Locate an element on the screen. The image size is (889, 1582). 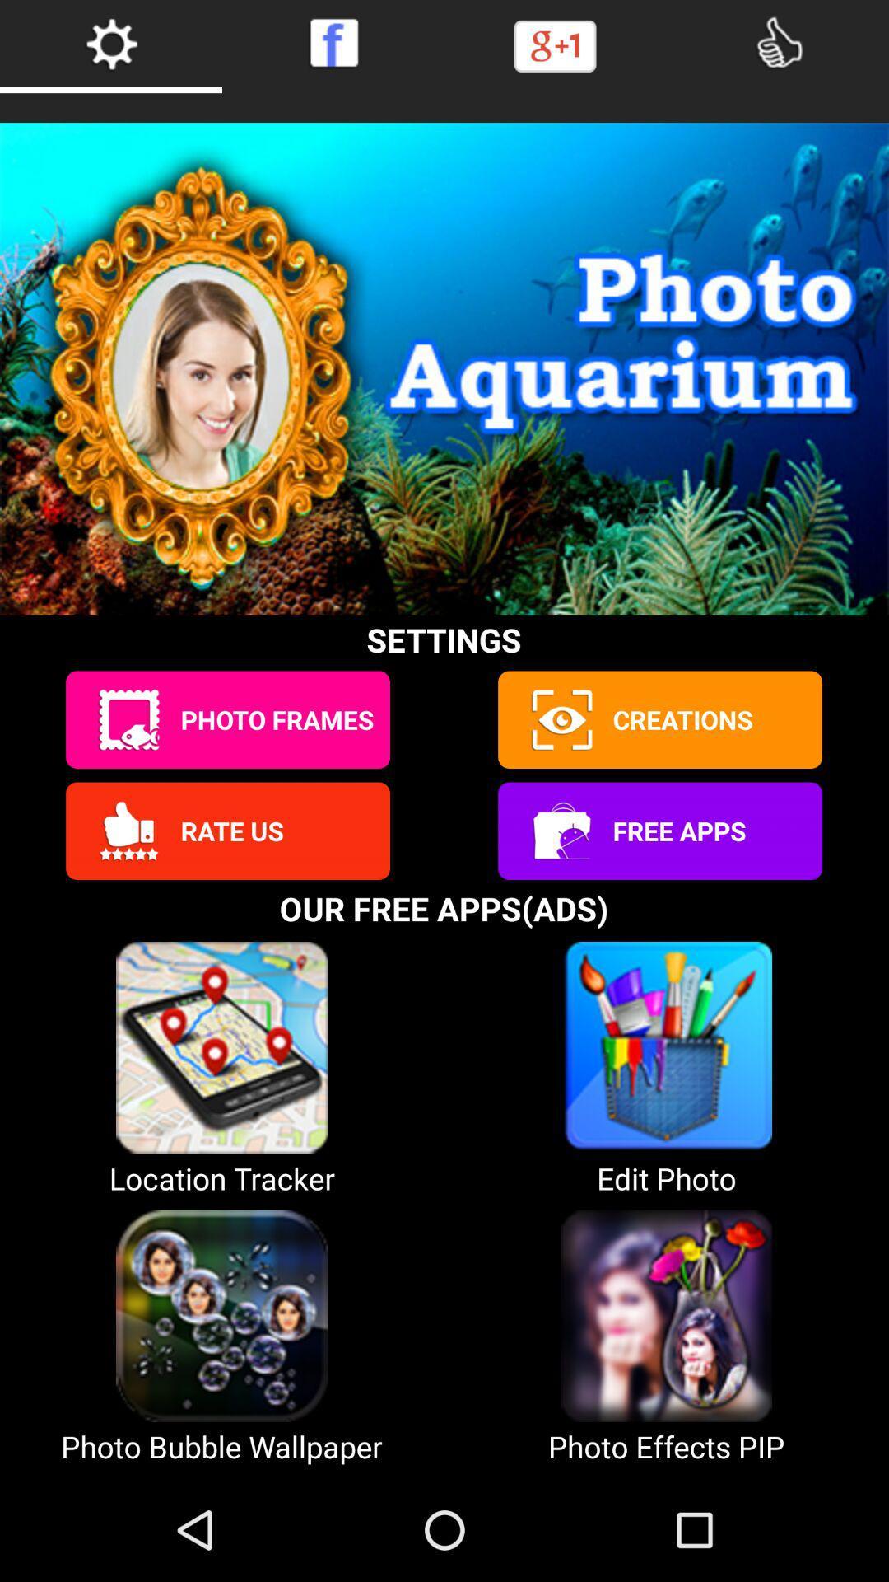
item is located at coordinates (560, 719).